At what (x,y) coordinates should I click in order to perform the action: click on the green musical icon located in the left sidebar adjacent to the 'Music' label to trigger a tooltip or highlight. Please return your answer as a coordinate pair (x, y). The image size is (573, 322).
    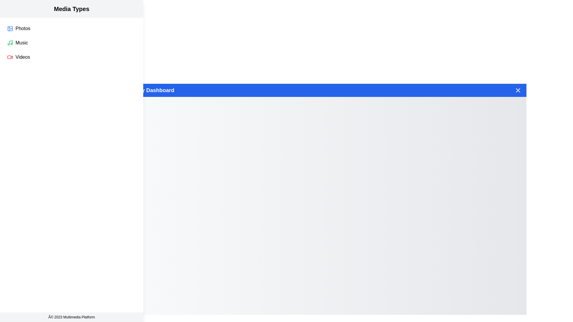
    Looking at the image, I should click on (10, 42).